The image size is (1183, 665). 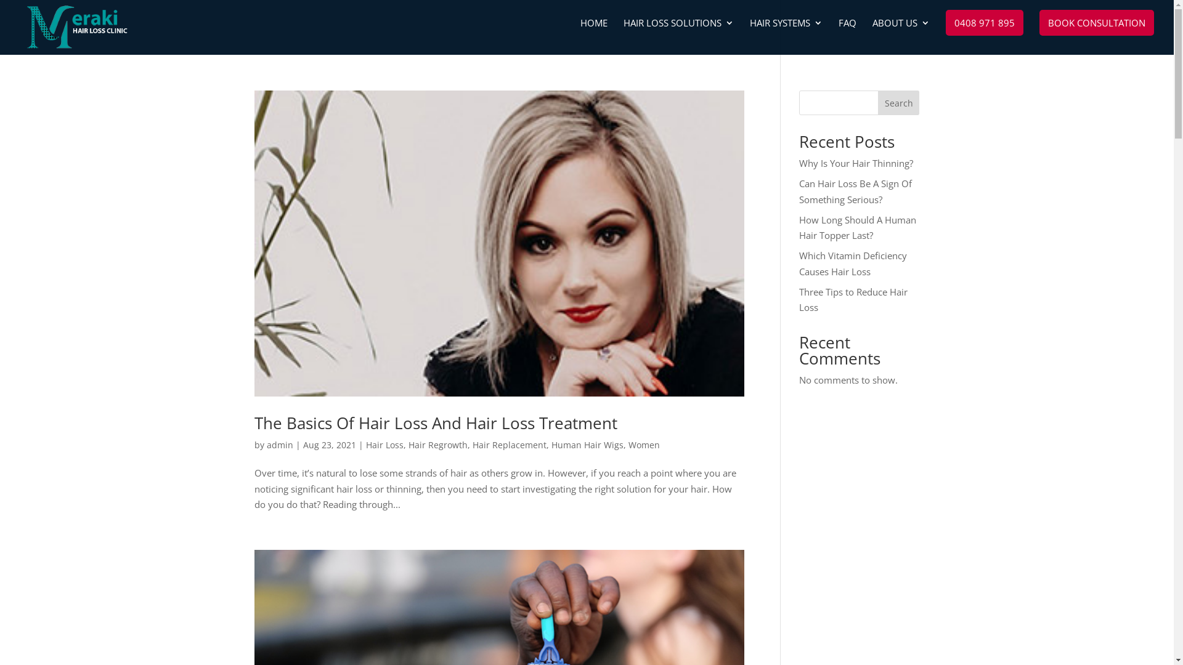 What do you see at coordinates (853, 299) in the screenshot?
I see `'Three Tips to Reduce Hair Loss'` at bounding box center [853, 299].